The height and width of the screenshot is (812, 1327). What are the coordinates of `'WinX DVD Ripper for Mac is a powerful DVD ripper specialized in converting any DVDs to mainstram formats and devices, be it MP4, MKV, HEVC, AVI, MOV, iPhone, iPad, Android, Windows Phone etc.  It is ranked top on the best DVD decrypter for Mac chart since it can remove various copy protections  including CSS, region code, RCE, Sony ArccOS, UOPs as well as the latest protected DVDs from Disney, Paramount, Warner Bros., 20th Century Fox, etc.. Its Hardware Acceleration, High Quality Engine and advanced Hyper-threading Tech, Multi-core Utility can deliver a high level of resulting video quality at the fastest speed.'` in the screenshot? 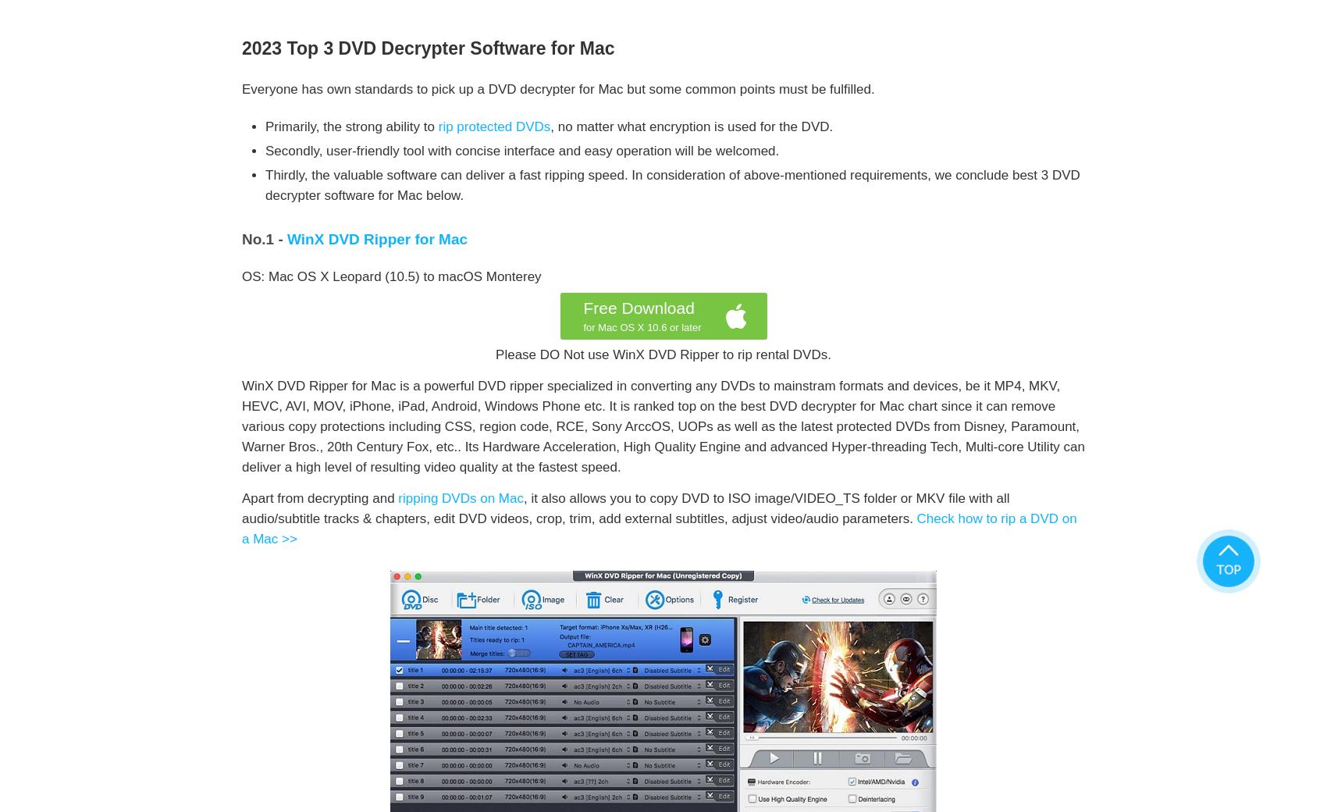 It's located at (663, 426).